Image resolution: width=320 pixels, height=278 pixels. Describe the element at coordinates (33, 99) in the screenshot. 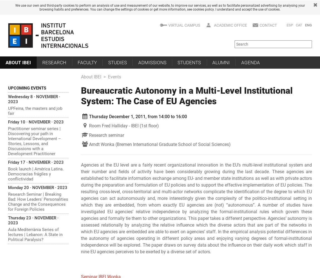

I see `'Wednesday 8 · NOVEMBER · 2023'` at that location.